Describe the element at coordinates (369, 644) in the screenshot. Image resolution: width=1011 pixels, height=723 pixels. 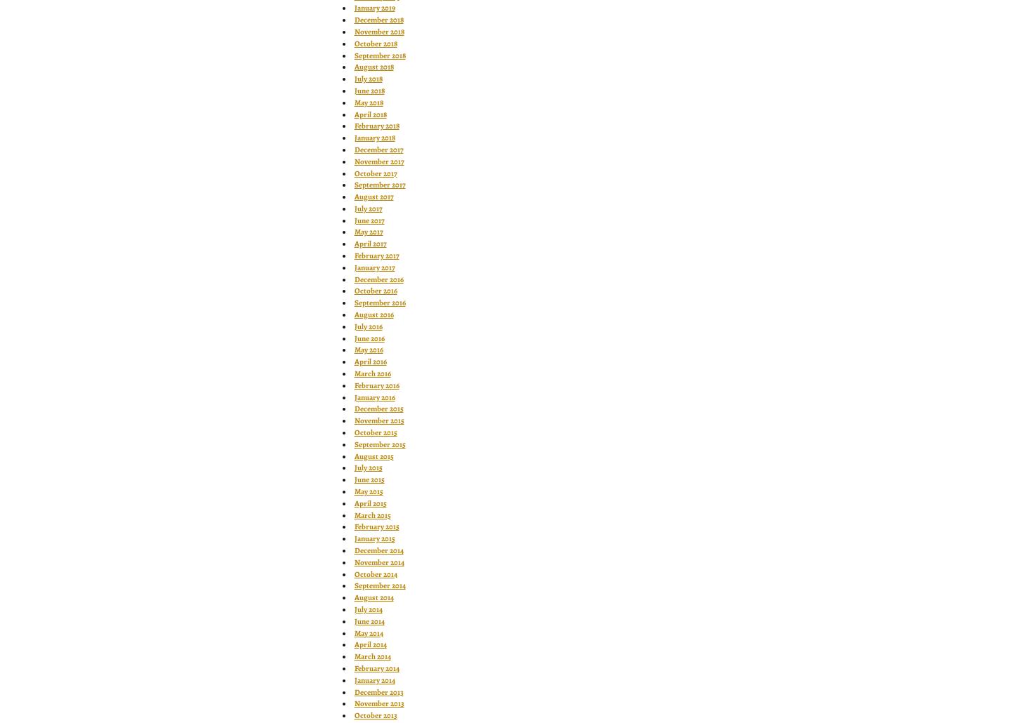
I see `'April 2014'` at that location.